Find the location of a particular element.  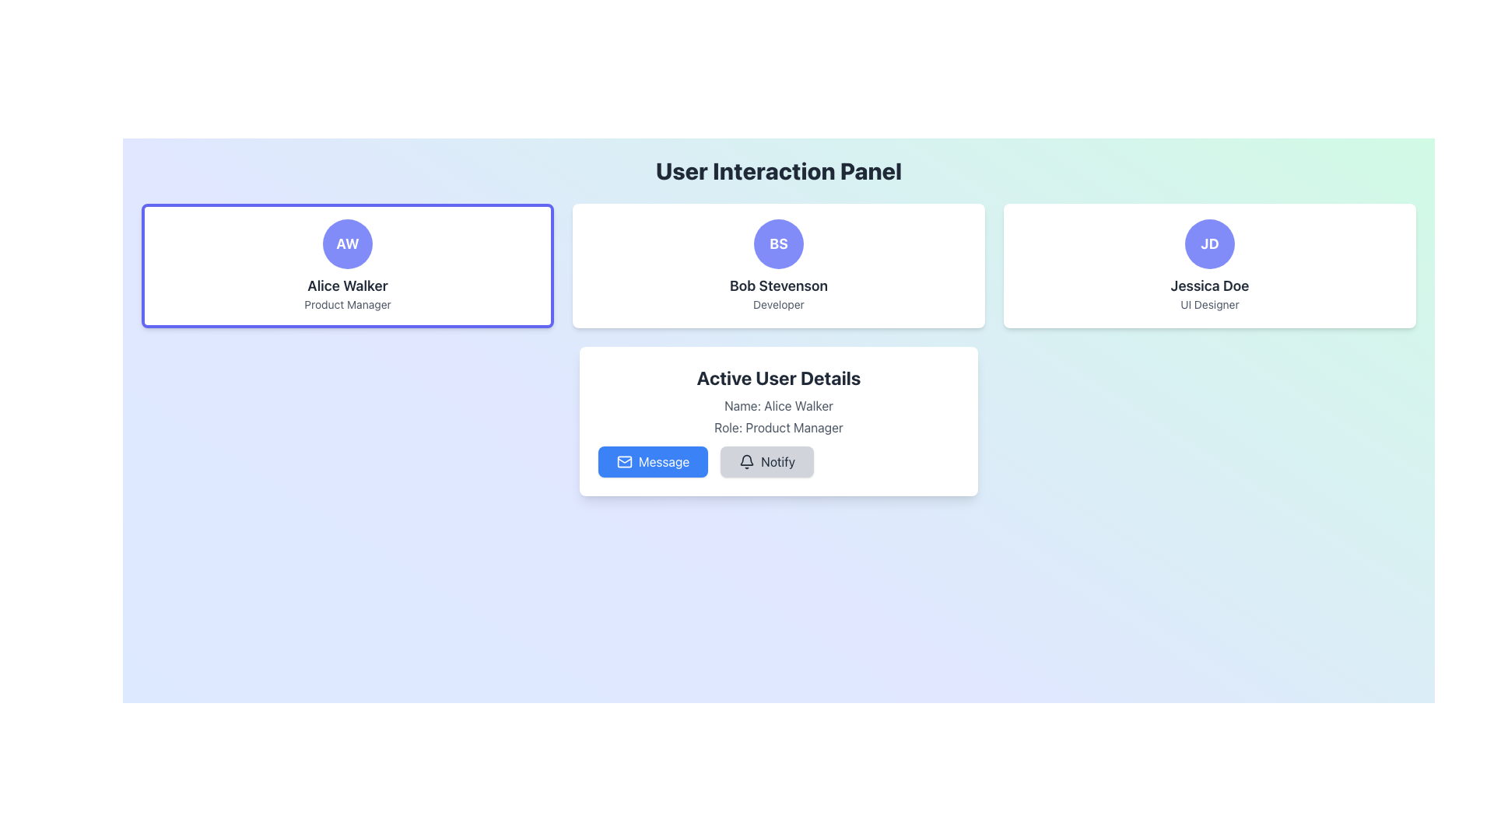

the 'Message' button which contains the small SVG rectangle inside the envelope-shaped icon located in the lower-left region of the 'Active User Details' panel is located at coordinates (624, 461).